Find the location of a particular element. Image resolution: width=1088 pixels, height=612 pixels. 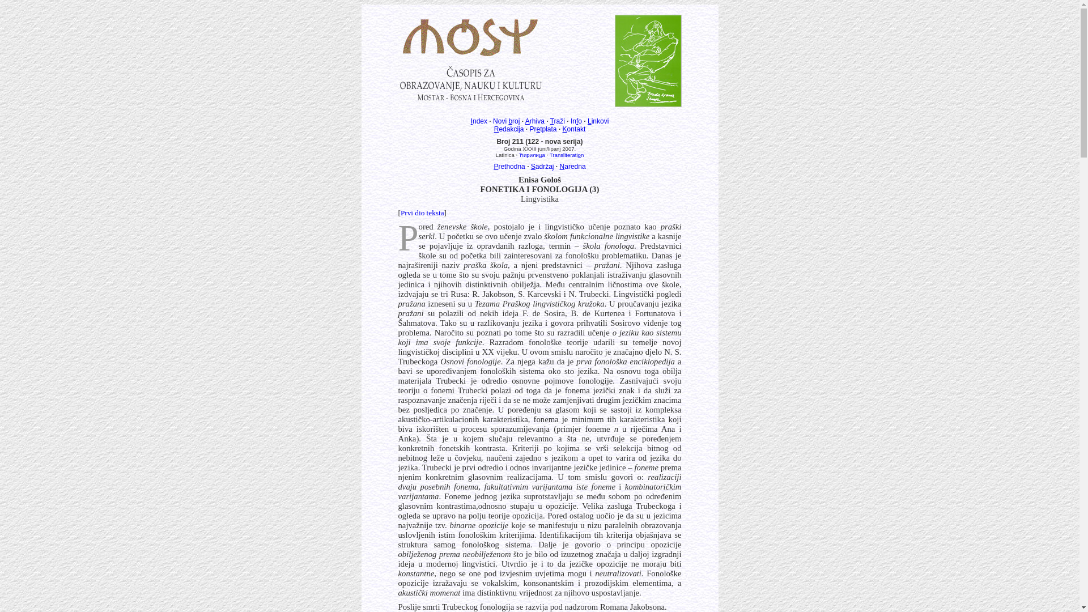

'Prvi dio teksta' is located at coordinates (422, 212).